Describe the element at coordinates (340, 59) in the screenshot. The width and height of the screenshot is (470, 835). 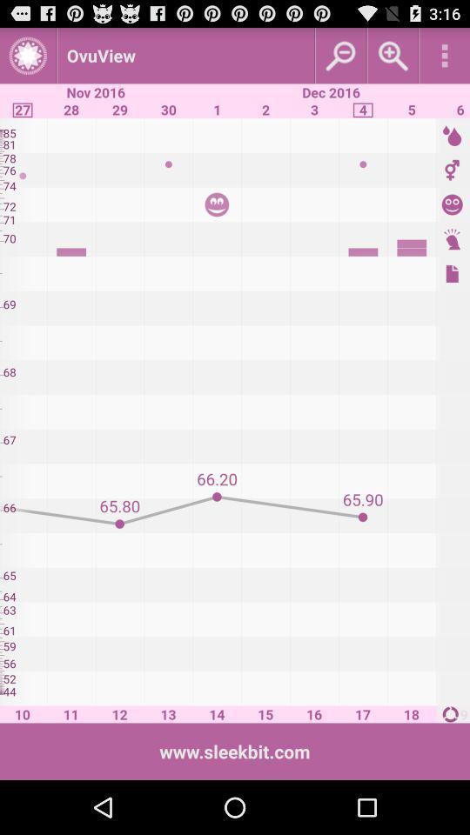
I see `the zoom_out icon` at that location.